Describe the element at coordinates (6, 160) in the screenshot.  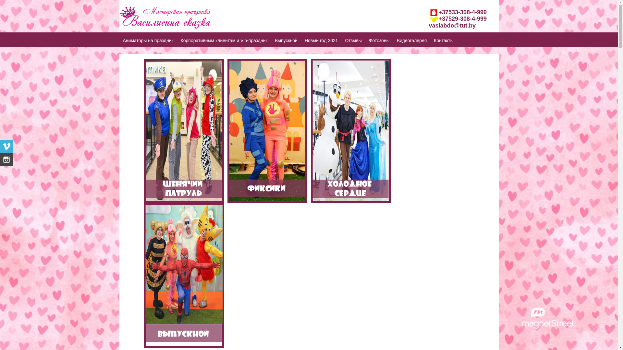
I see `'instagram'` at that location.